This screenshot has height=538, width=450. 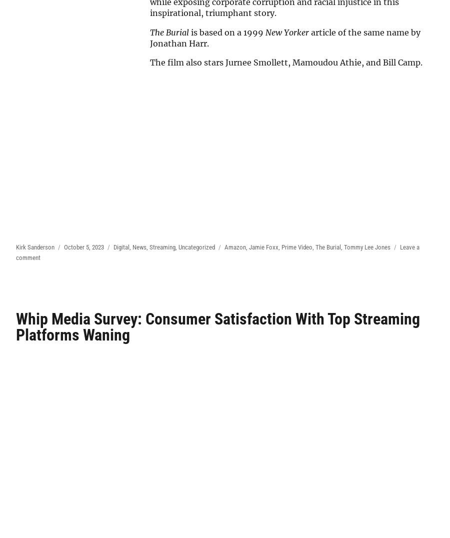 I want to click on 'Whip Media Survey: Consumer Satisfaction With Top Streaming Platforms Waning', so click(x=217, y=326).